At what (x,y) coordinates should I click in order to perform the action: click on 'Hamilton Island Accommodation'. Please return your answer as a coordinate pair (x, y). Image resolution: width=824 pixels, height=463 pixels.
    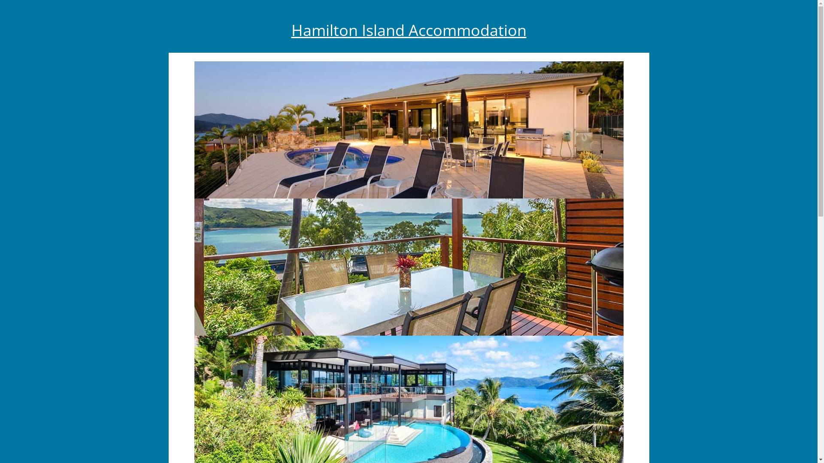
    Looking at the image, I should click on (408, 30).